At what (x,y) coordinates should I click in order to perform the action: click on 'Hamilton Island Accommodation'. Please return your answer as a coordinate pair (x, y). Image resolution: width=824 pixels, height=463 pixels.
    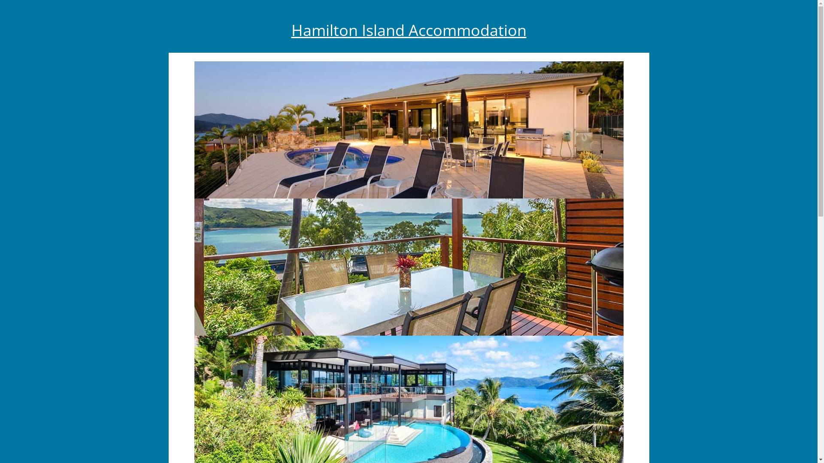
    Looking at the image, I should click on (408, 30).